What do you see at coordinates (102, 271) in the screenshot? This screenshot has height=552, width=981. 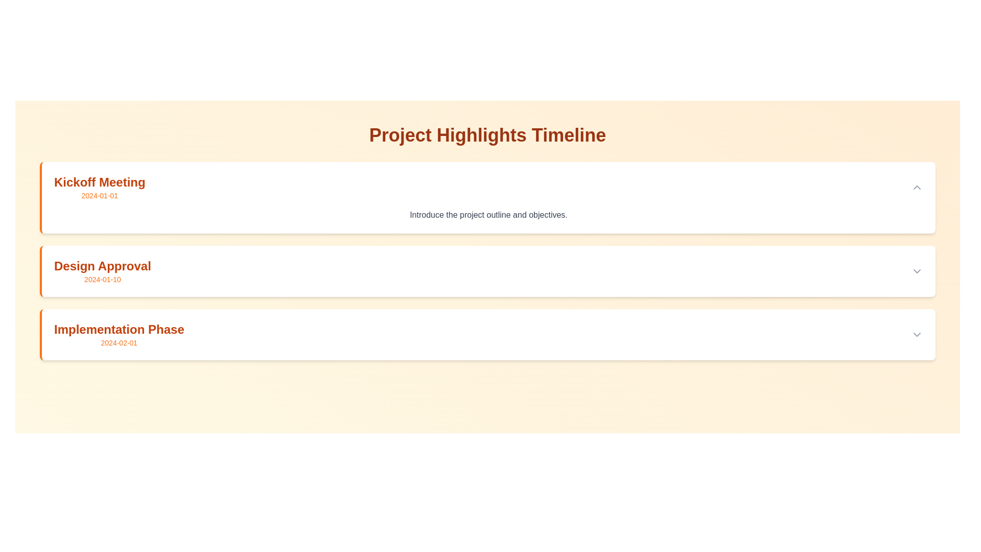 I see `the 'Design Approval' milestone text label located in the second section of the 'Project Highlights Timeline' list` at bounding box center [102, 271].